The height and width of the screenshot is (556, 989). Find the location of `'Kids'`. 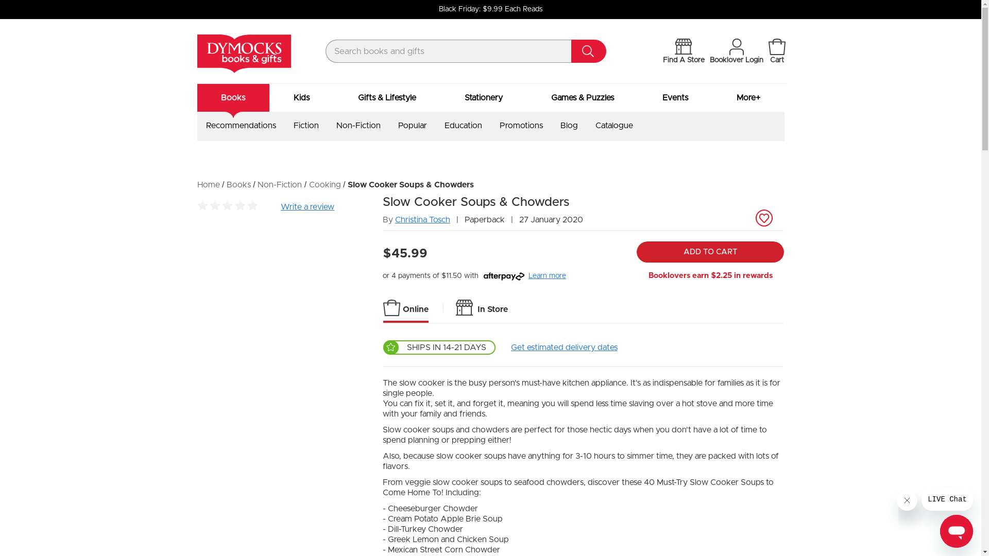

'Kids' is located at coordinates (301, 97).